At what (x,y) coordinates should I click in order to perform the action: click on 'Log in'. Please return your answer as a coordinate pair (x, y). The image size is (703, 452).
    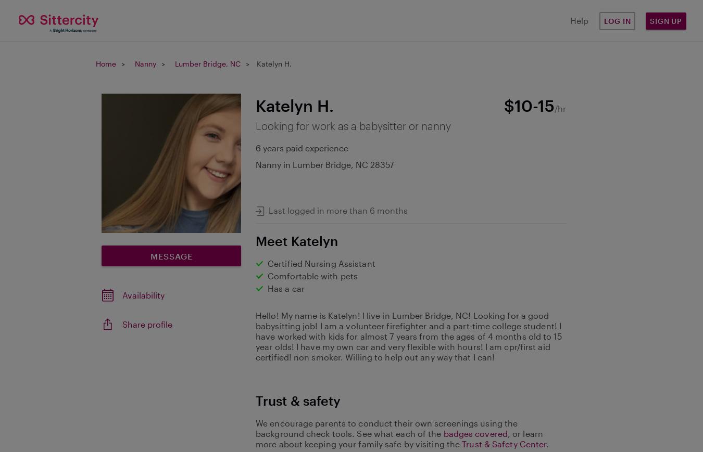
    Looking at the image, I should click on (602, 20).